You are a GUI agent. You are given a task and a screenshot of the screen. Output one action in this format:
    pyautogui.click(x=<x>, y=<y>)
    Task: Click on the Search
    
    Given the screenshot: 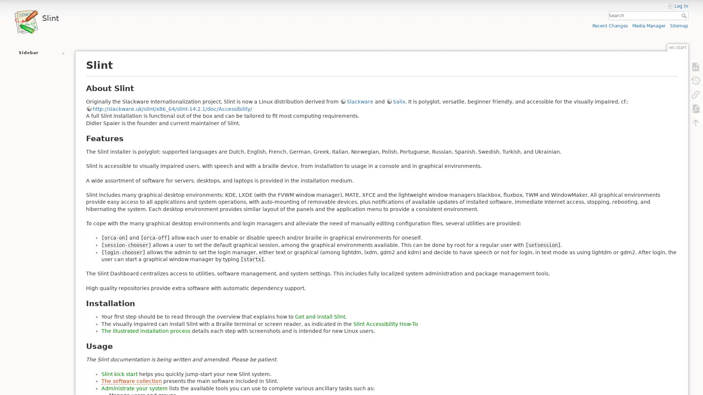 What is the action you would take?
    pyautogui.click(x=684, y=15)
    